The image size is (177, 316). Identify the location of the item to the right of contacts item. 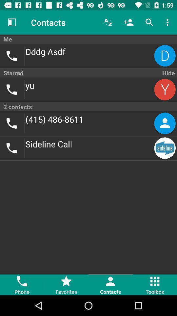
(108, 22).